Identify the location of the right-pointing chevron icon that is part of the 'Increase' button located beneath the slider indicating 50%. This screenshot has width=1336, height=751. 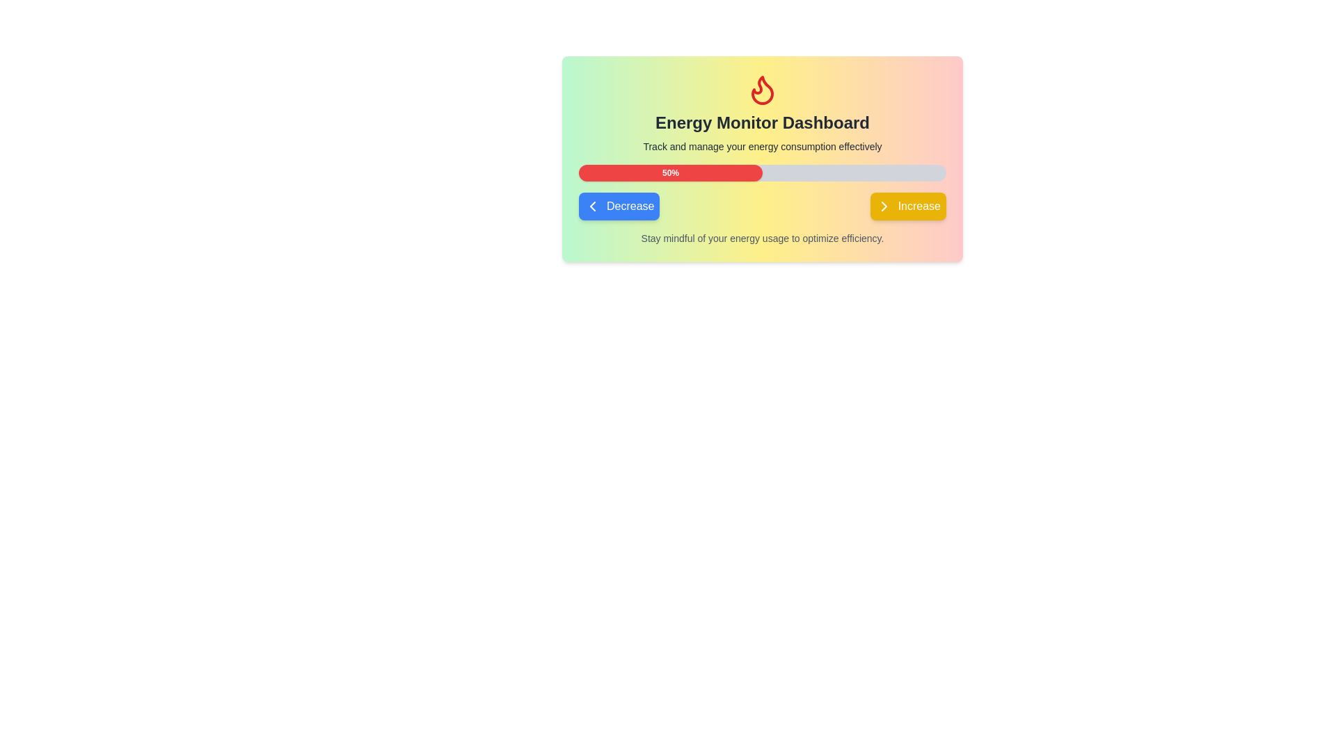
(883, 207).